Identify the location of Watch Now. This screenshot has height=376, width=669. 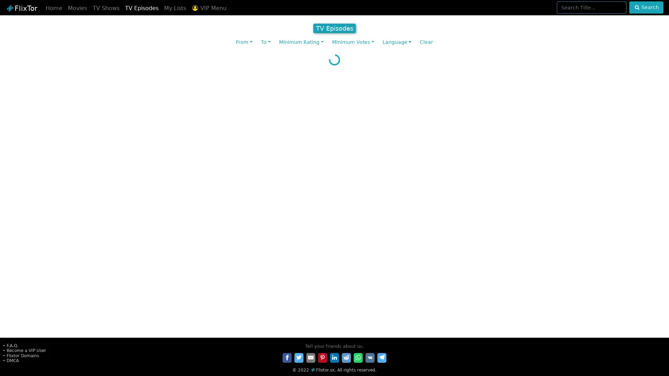
(135, 240).